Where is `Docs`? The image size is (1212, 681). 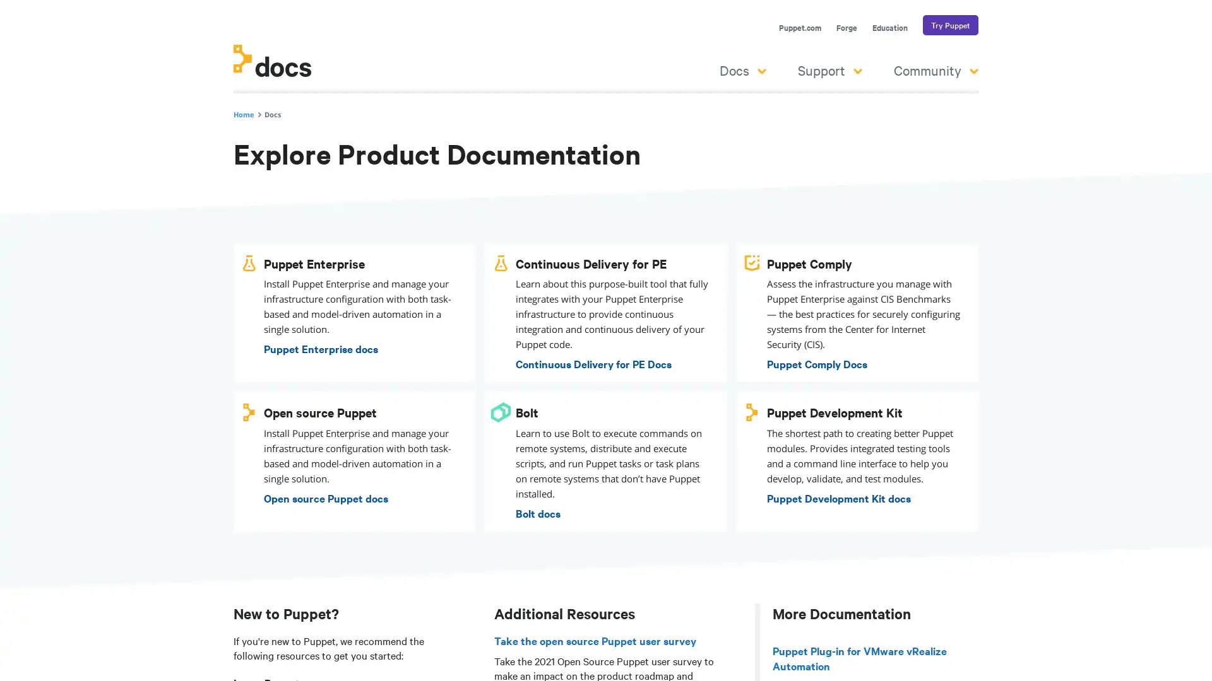 Docs is located at coordinates (742, 76).